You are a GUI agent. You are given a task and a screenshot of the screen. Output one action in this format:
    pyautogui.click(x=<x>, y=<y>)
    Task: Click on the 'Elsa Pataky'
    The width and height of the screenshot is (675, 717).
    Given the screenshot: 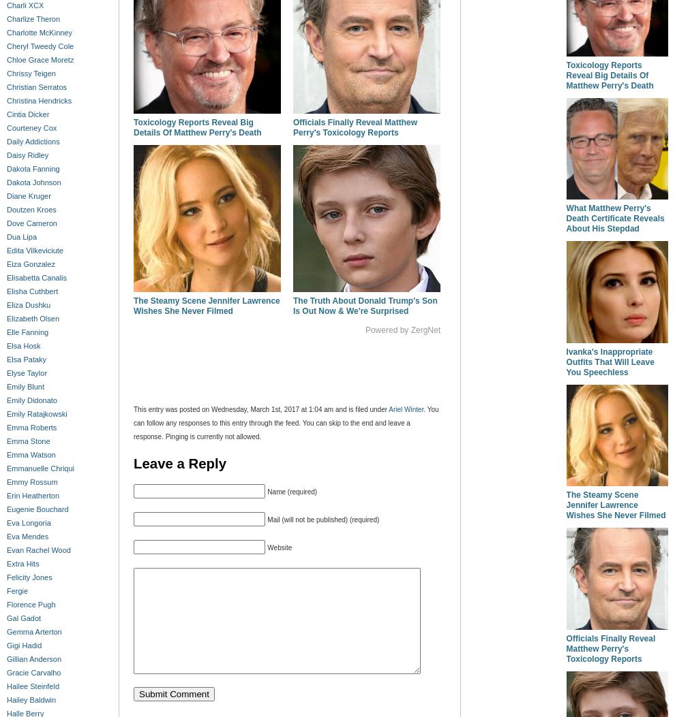 What is the action you would take?
    pyautogui.click(x=26, y=358)
    